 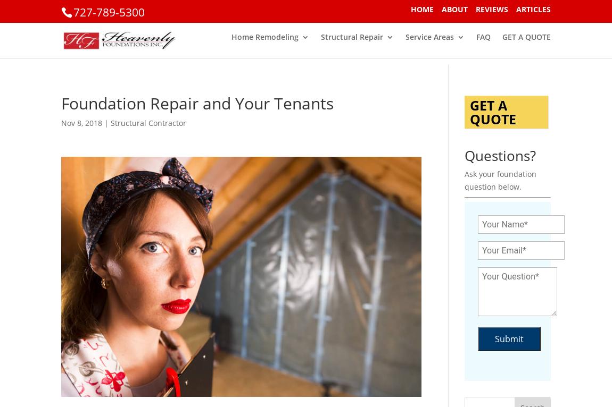 I want to click on 'FAQ', so click(x=483, y=43).